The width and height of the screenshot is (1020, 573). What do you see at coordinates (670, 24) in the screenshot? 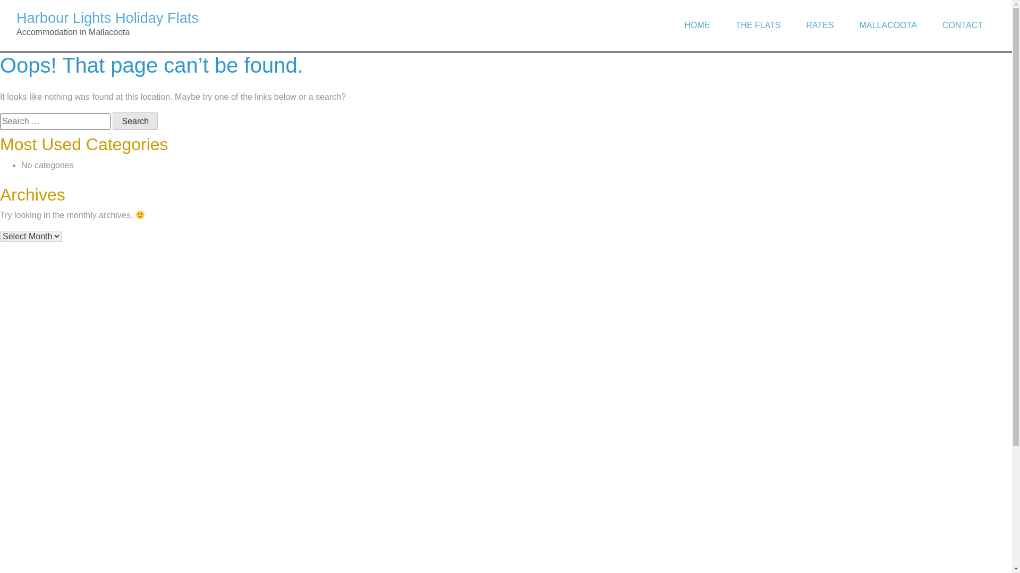
I see `'HOME'` at bounding box center [670, 24].